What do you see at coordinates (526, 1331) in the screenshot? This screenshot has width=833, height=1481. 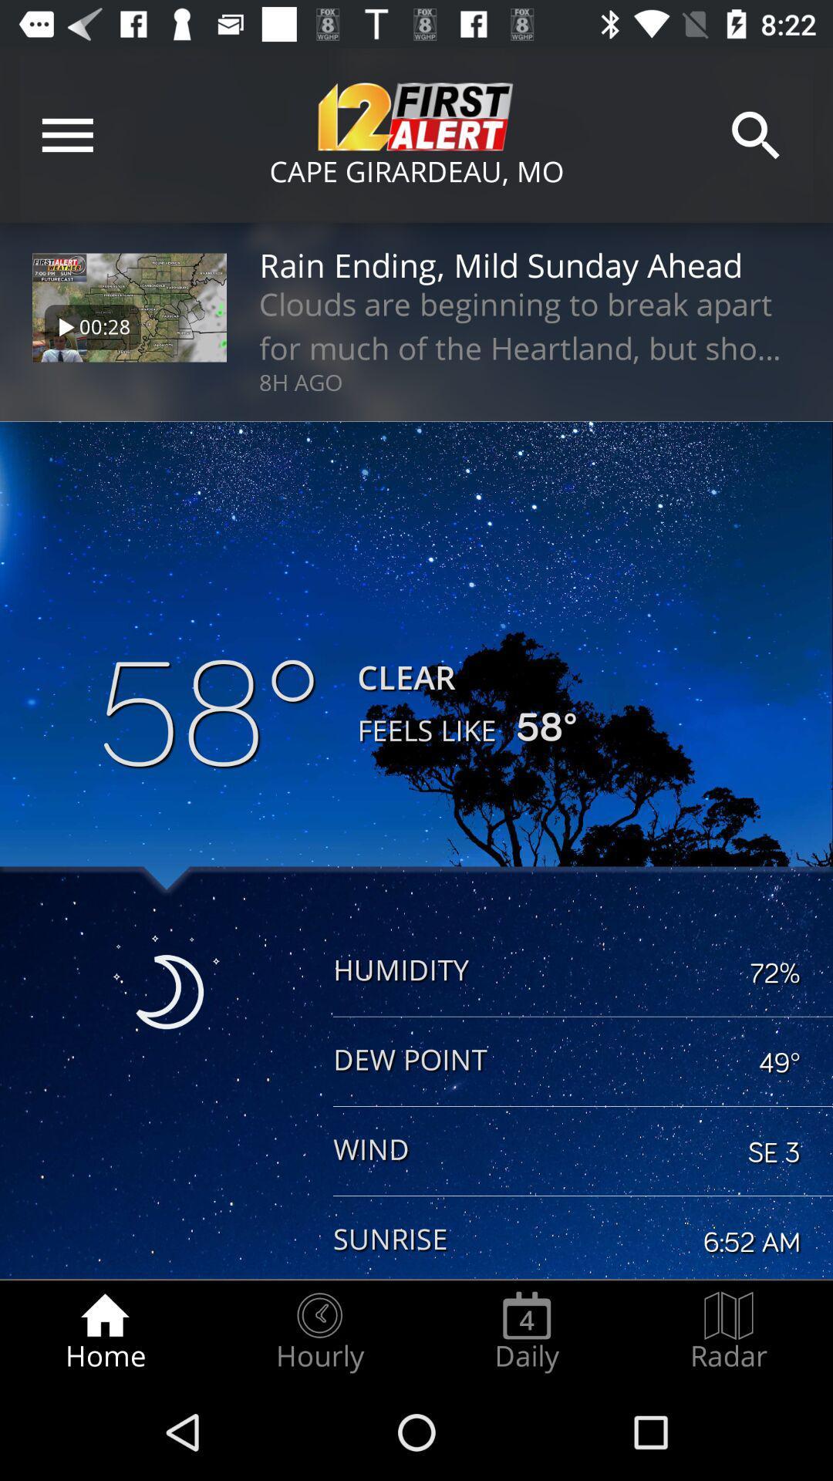 I see `the daily radio button` at bounding box center [526, 1331].